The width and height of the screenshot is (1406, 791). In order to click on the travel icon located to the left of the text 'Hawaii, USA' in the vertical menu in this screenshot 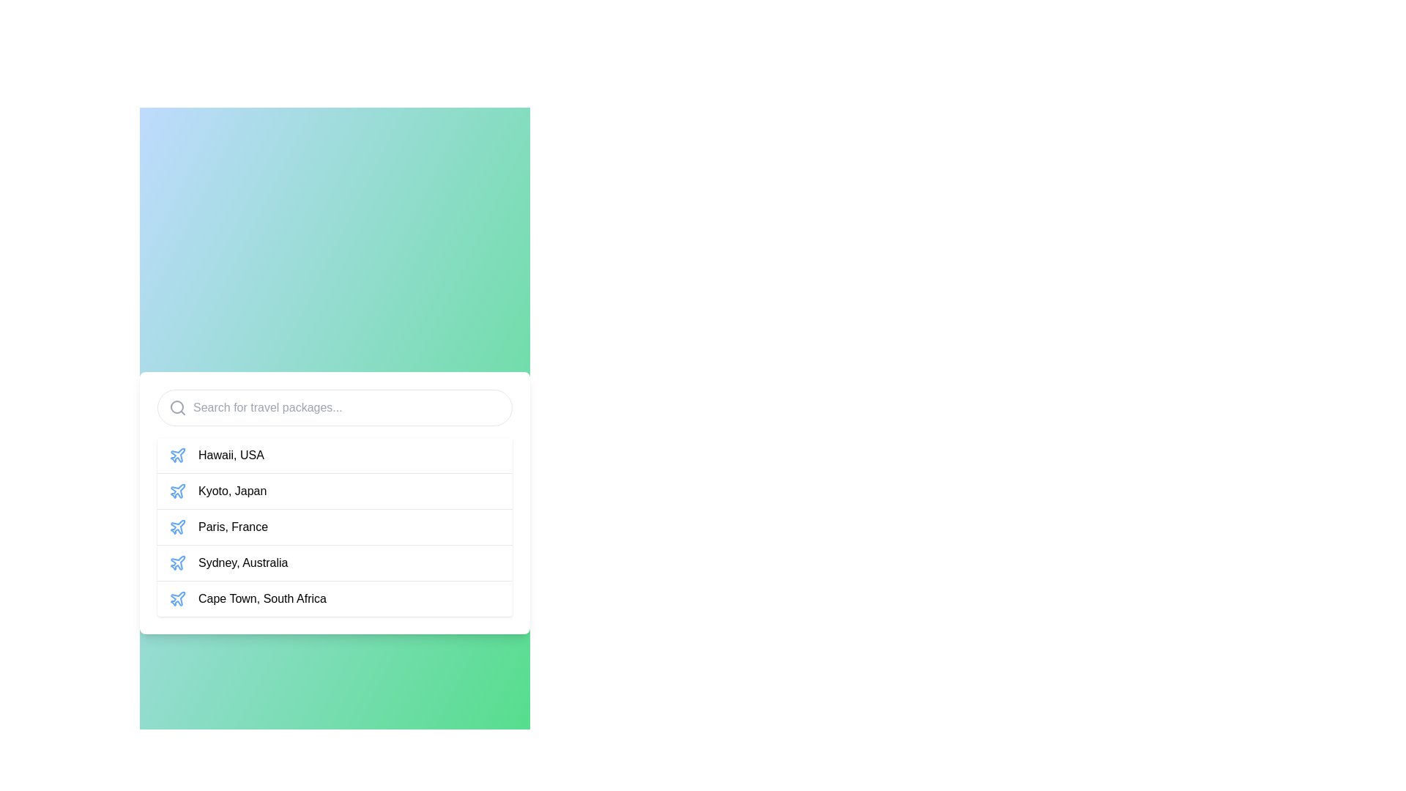, I will do `click(177, 454)`.